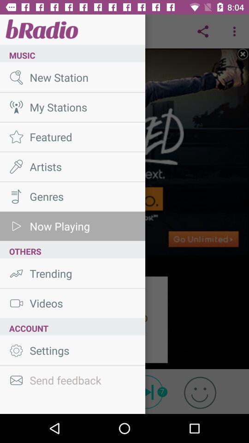 This screenshot has width=249, height=443. I want to click on the emoji icon, so click(199, 392).